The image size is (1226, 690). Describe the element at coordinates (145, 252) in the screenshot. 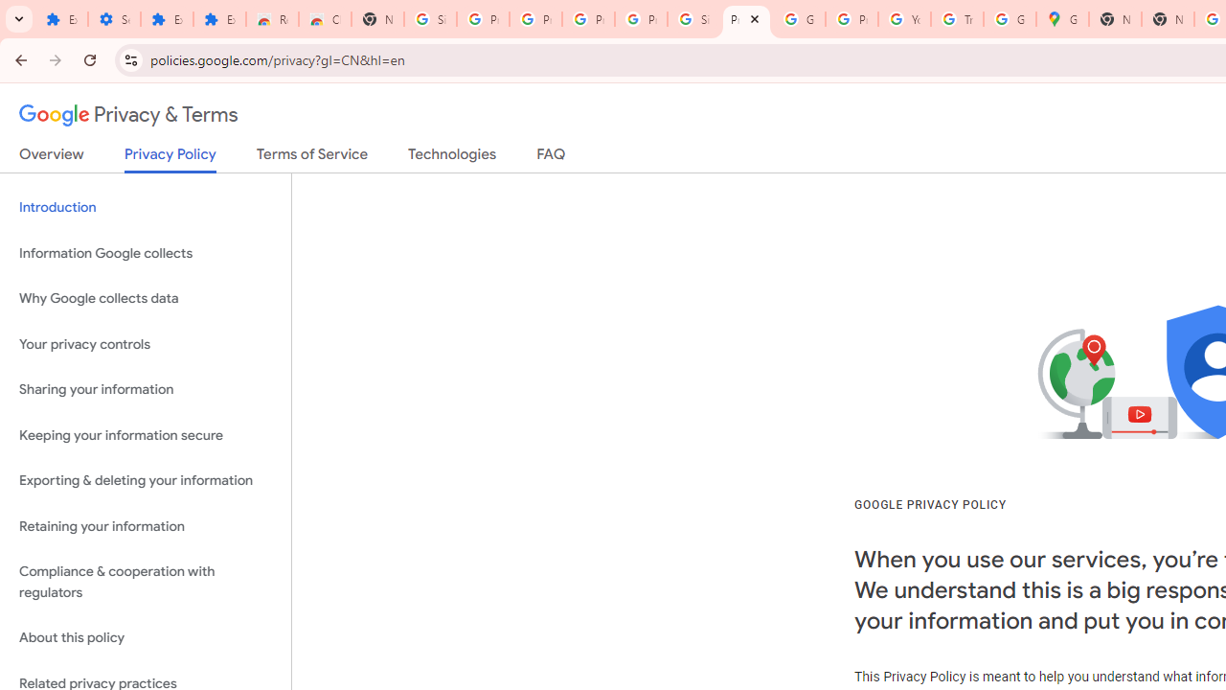

I see `'Information Google collects'` at that location.